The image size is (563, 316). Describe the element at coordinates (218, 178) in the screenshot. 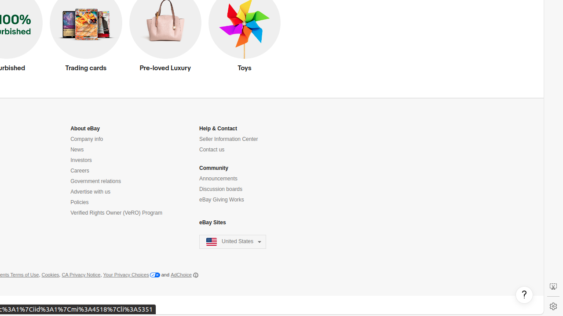

I see `'Announcements'` at that location.